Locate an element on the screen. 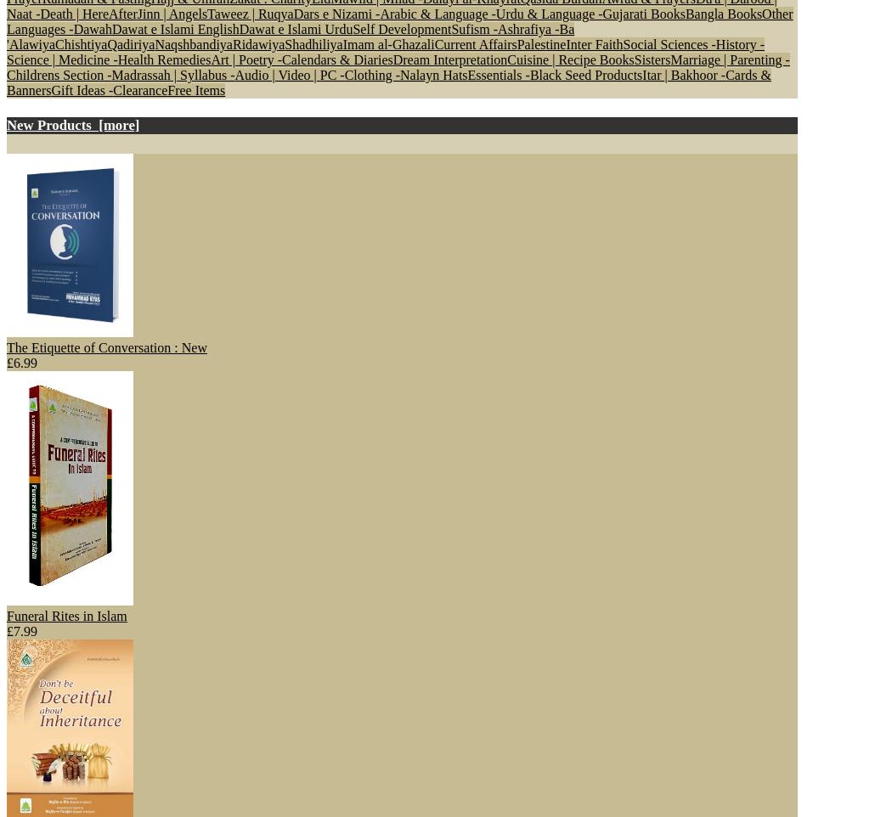 This screenshot has width=892, height=817. 'Nalayn Hats' is located at coordinates (432, 74).